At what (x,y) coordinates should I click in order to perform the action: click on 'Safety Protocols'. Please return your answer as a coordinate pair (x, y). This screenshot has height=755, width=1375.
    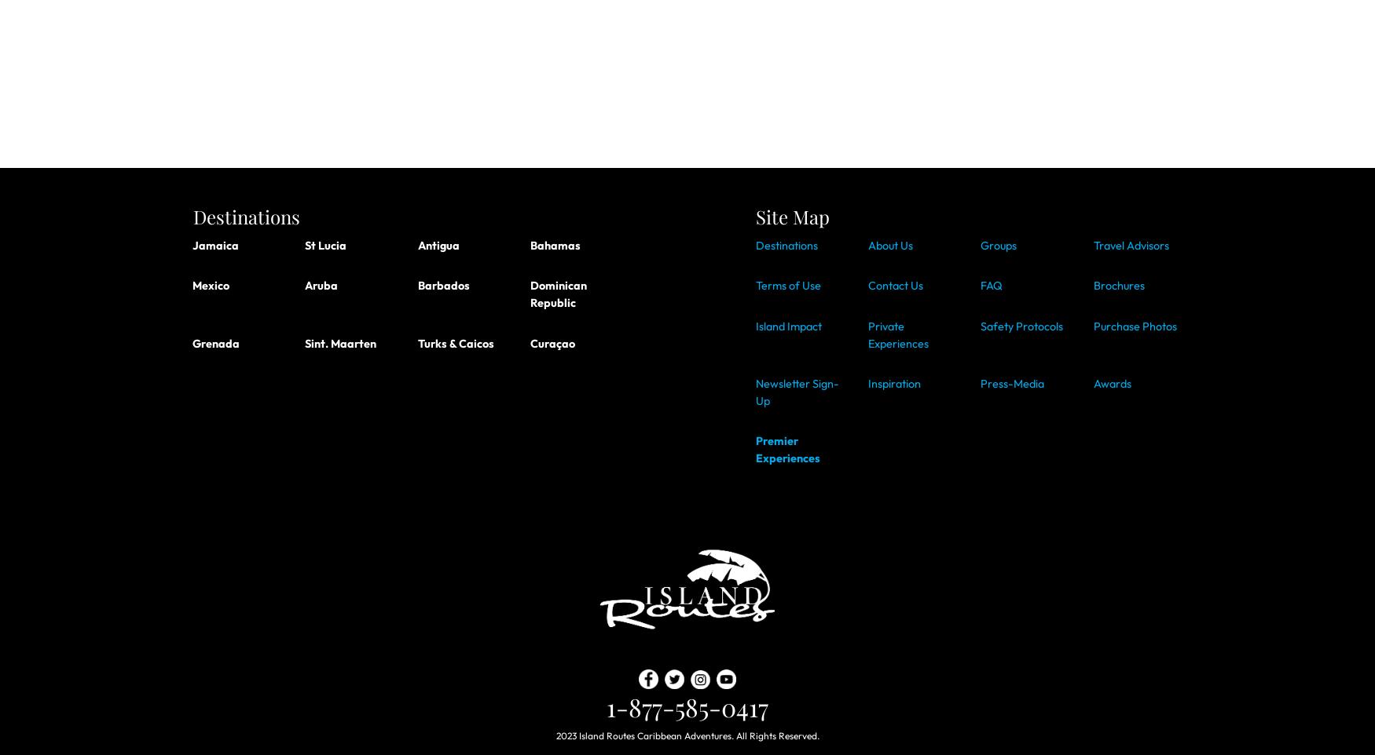
    Looking at the image, I should click on (1021, 325).